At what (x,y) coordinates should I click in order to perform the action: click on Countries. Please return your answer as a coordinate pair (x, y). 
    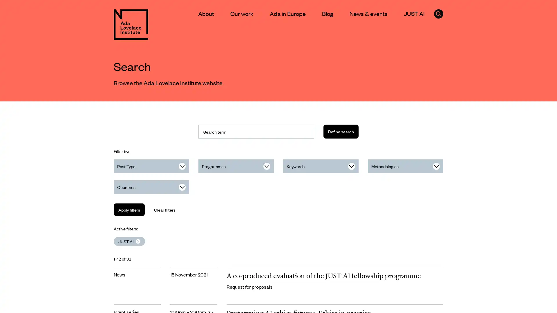
    Looking at the image, I should click on (151, 187).